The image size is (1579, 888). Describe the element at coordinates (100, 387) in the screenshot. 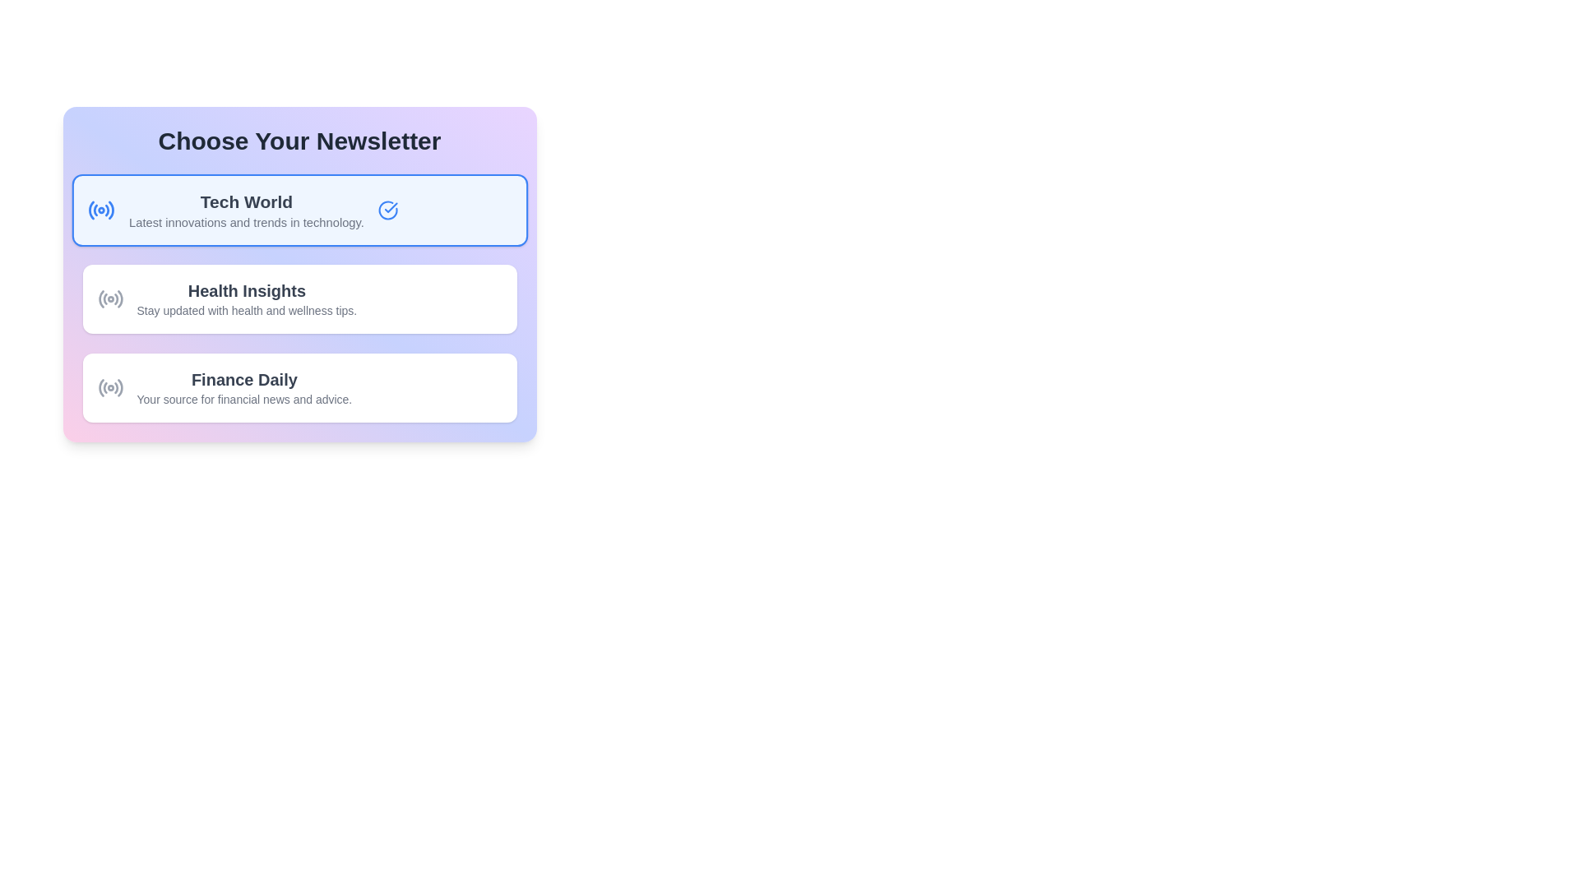

I see `the outermost semicircular arc graphic located within the circular icon to the left of the 'Finance Daily' option` at that location.